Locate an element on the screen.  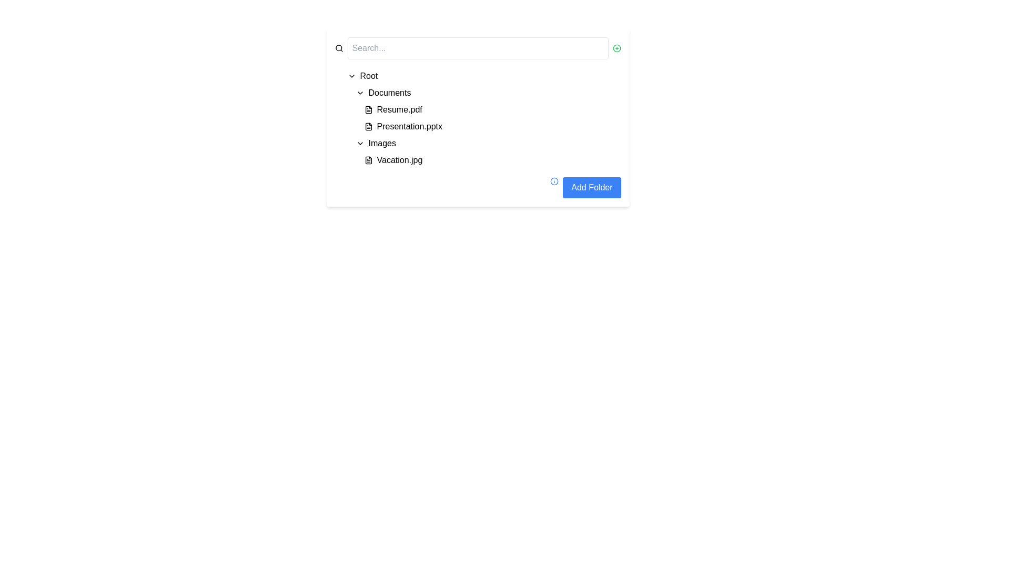
the Hierarchical list or tree view component that allows users to navigate and interact with the file directory structure is located at coordinates (481, 118).